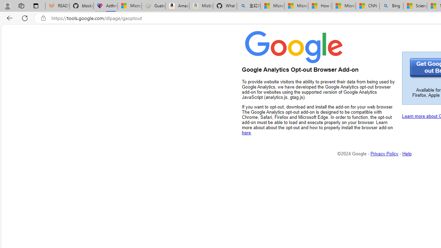 The width and height of the screenshot is (441, 248). Describe the element at coordinates (407, 153) in the screenshot. I see `'Help'` at that location.